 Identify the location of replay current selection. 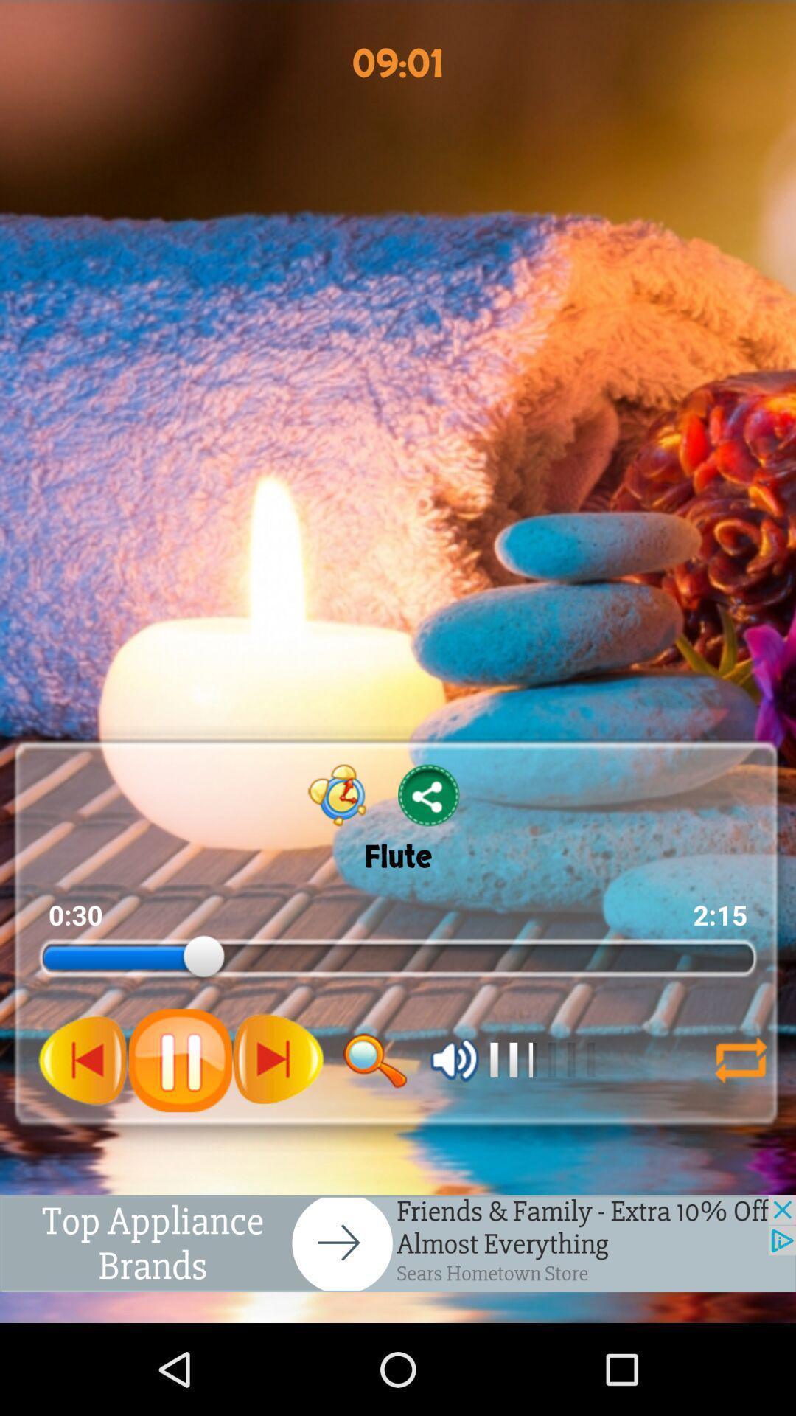
(741, 1059).